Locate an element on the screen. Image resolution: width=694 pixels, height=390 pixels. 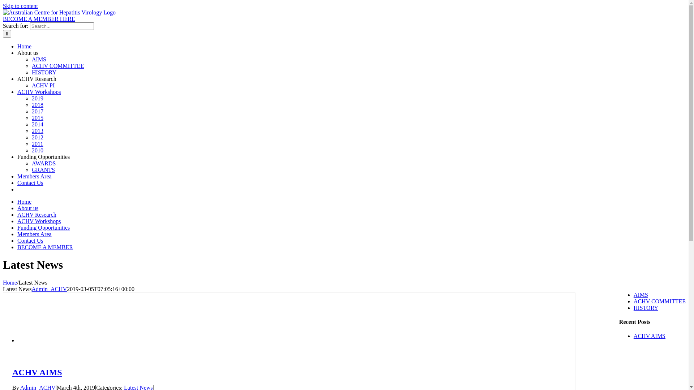
'GRANTS' is located at coordinates (43, 170).